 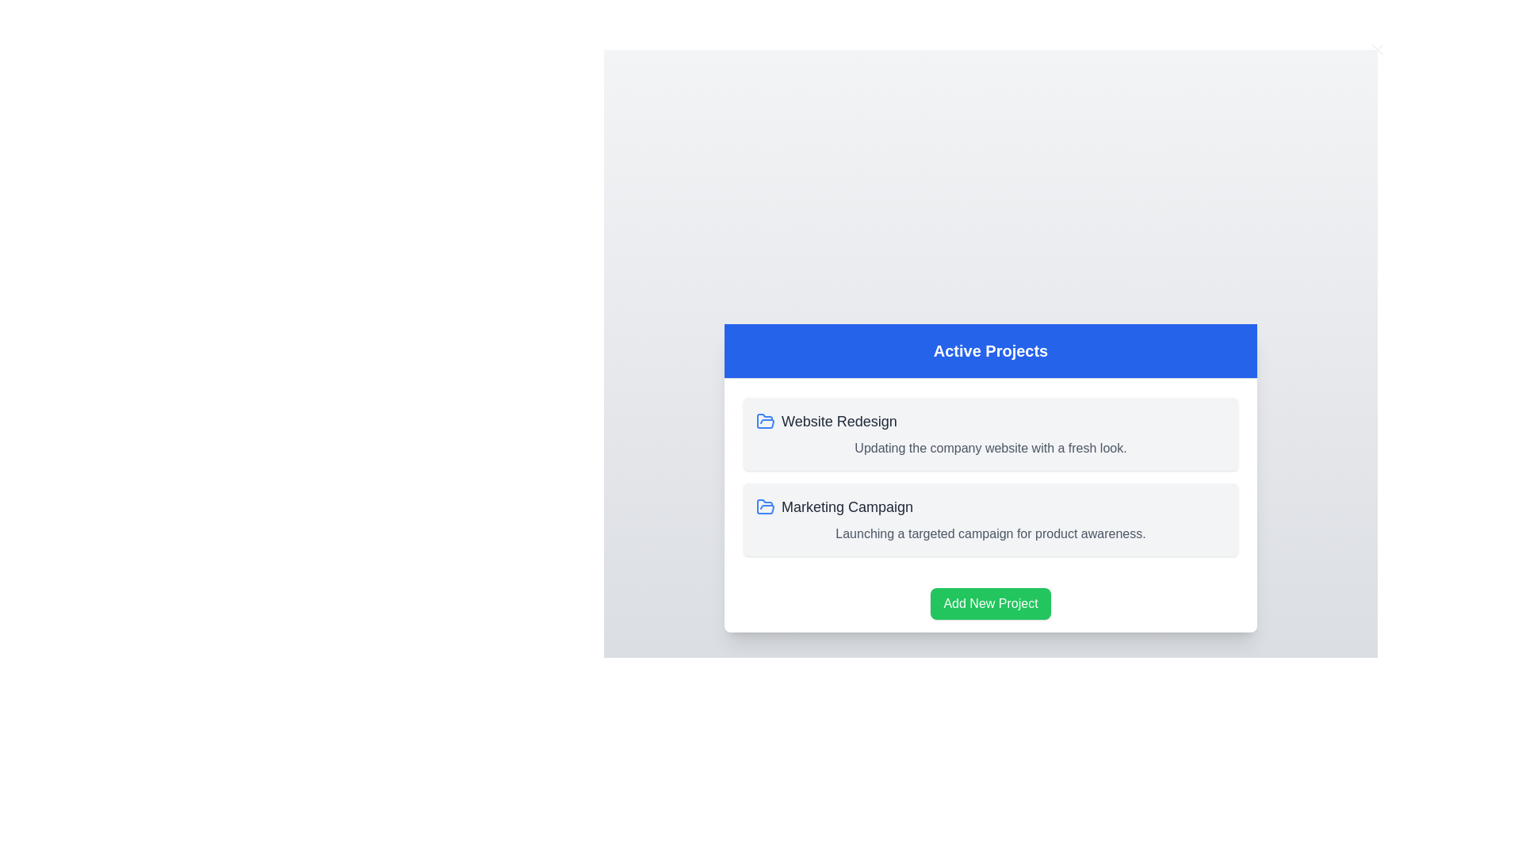 What do you see at coordinates (765, 506) in the screenshot?
I see `the project icon for Marketing Campaign` at bounding box center [765, 506].